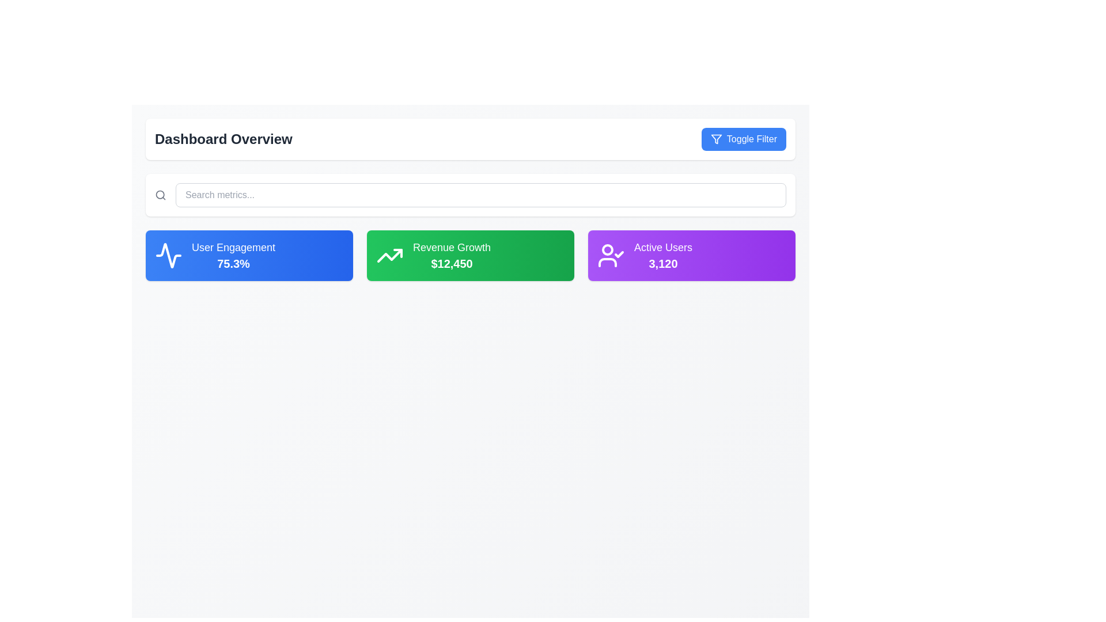 This screenshot has width=1106, height=622. What do you see at coordinates (470, 255) in the screenshot?
I see `the green Information display card titled 'Revenue Growth' which contains the value '$12,450' and an upward-trending arrow icon, positioned between the 'User Engagement' and 'Active Users' cards in the Dashboard Overview section` at bounding box center [470, 255].